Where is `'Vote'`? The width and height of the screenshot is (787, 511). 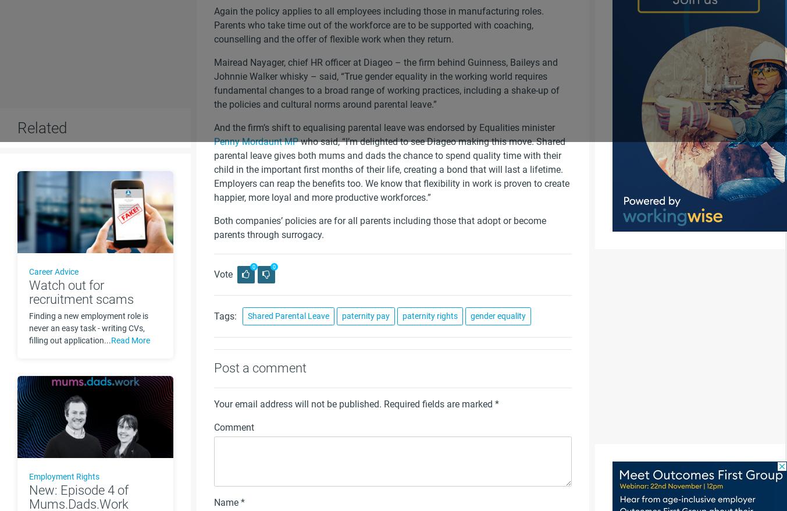 'Vote' is located at coordinates (212, 274).